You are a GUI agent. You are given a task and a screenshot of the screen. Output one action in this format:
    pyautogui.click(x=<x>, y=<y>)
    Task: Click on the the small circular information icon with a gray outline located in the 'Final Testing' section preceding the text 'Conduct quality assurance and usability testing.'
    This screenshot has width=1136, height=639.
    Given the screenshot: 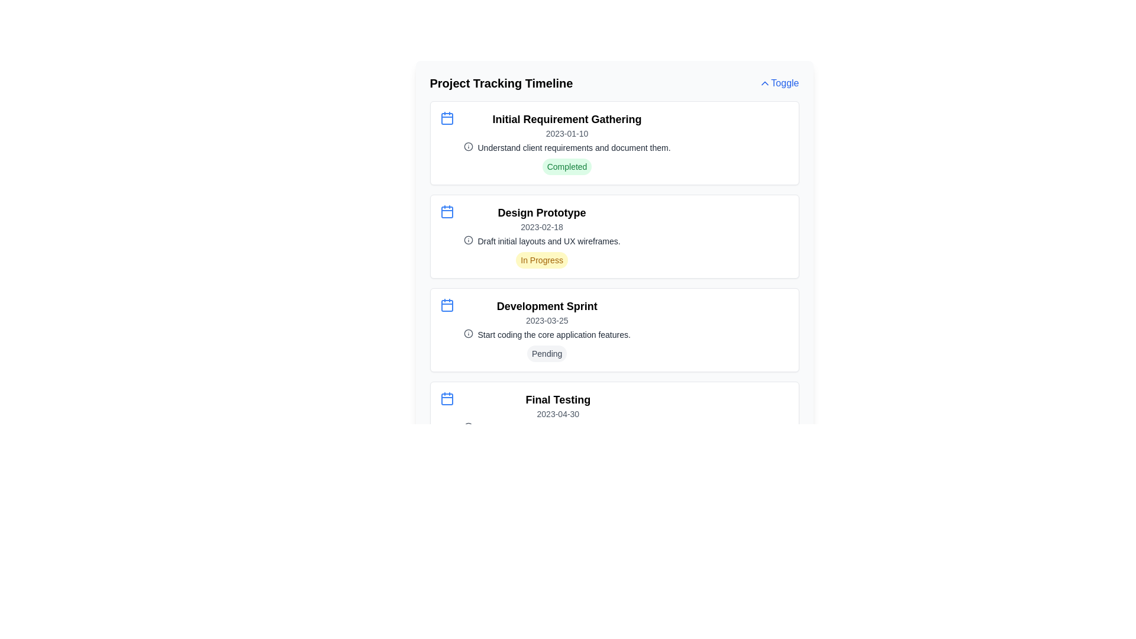 What is the action you would take?
    pyautogui.click(x=467, y=427)
    